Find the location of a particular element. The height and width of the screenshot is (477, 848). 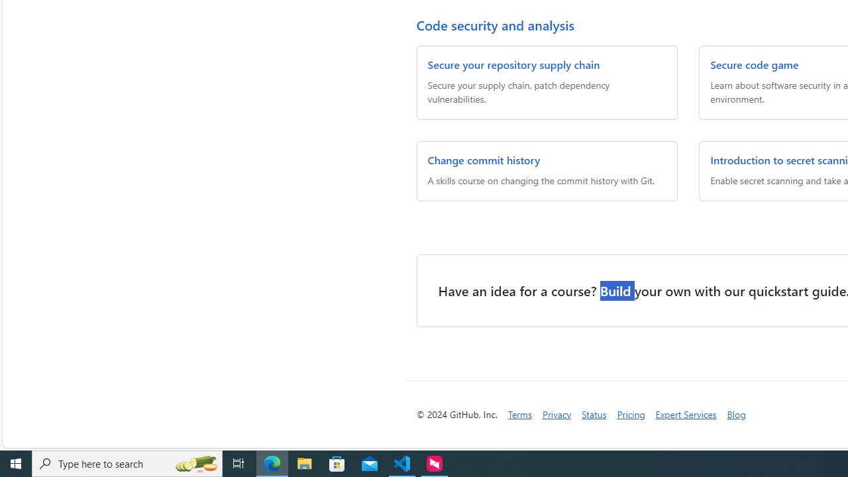

'Code security and analysis' is located at coordinates (494, 25).